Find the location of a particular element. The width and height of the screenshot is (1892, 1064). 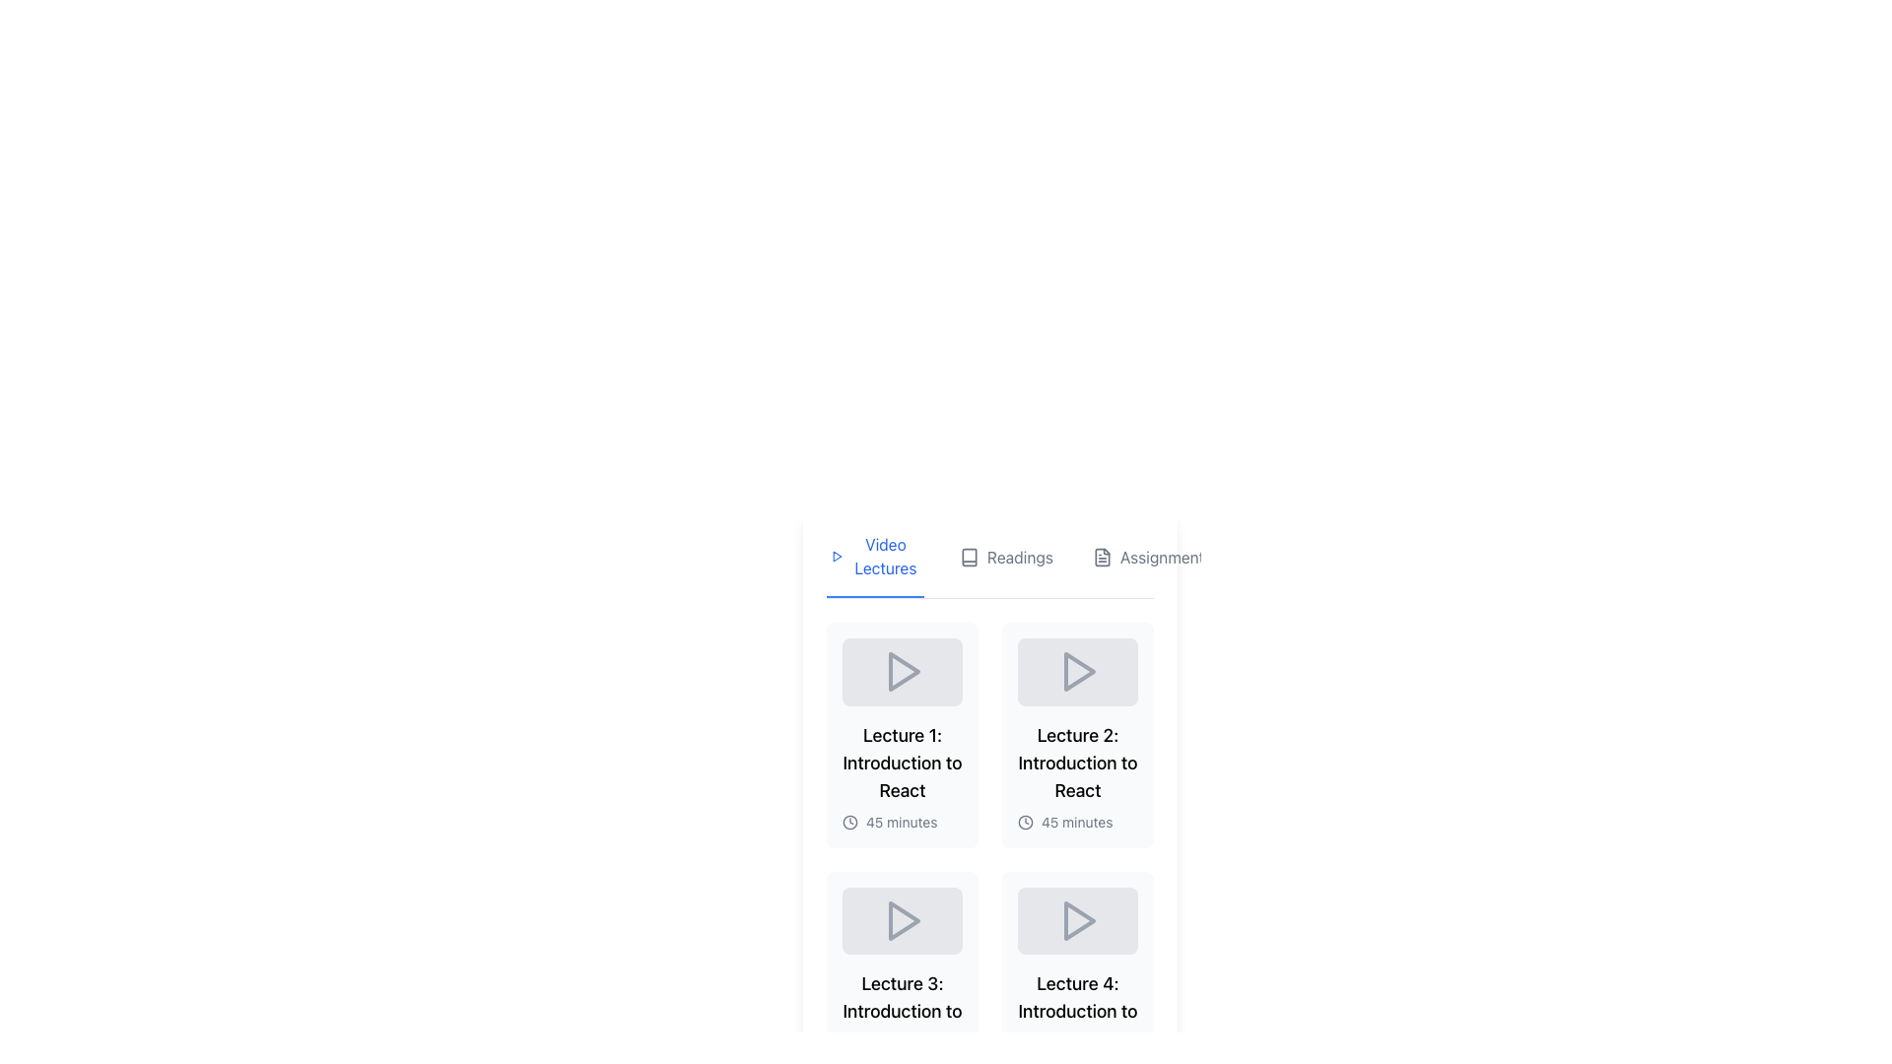

the 'Readings' icon located in the horizontal navigation bar near the top of the interface is located at coordinates (969, 558).